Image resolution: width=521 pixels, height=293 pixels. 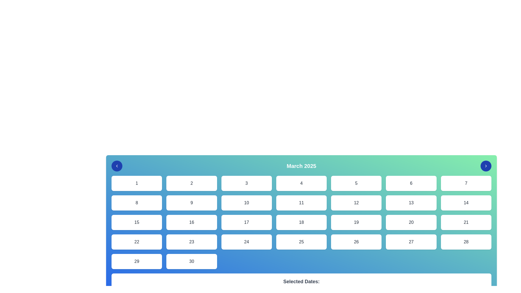 I want to click on the interactive button representing the 26th day in the calendar layout, so click(x=356, y=241).